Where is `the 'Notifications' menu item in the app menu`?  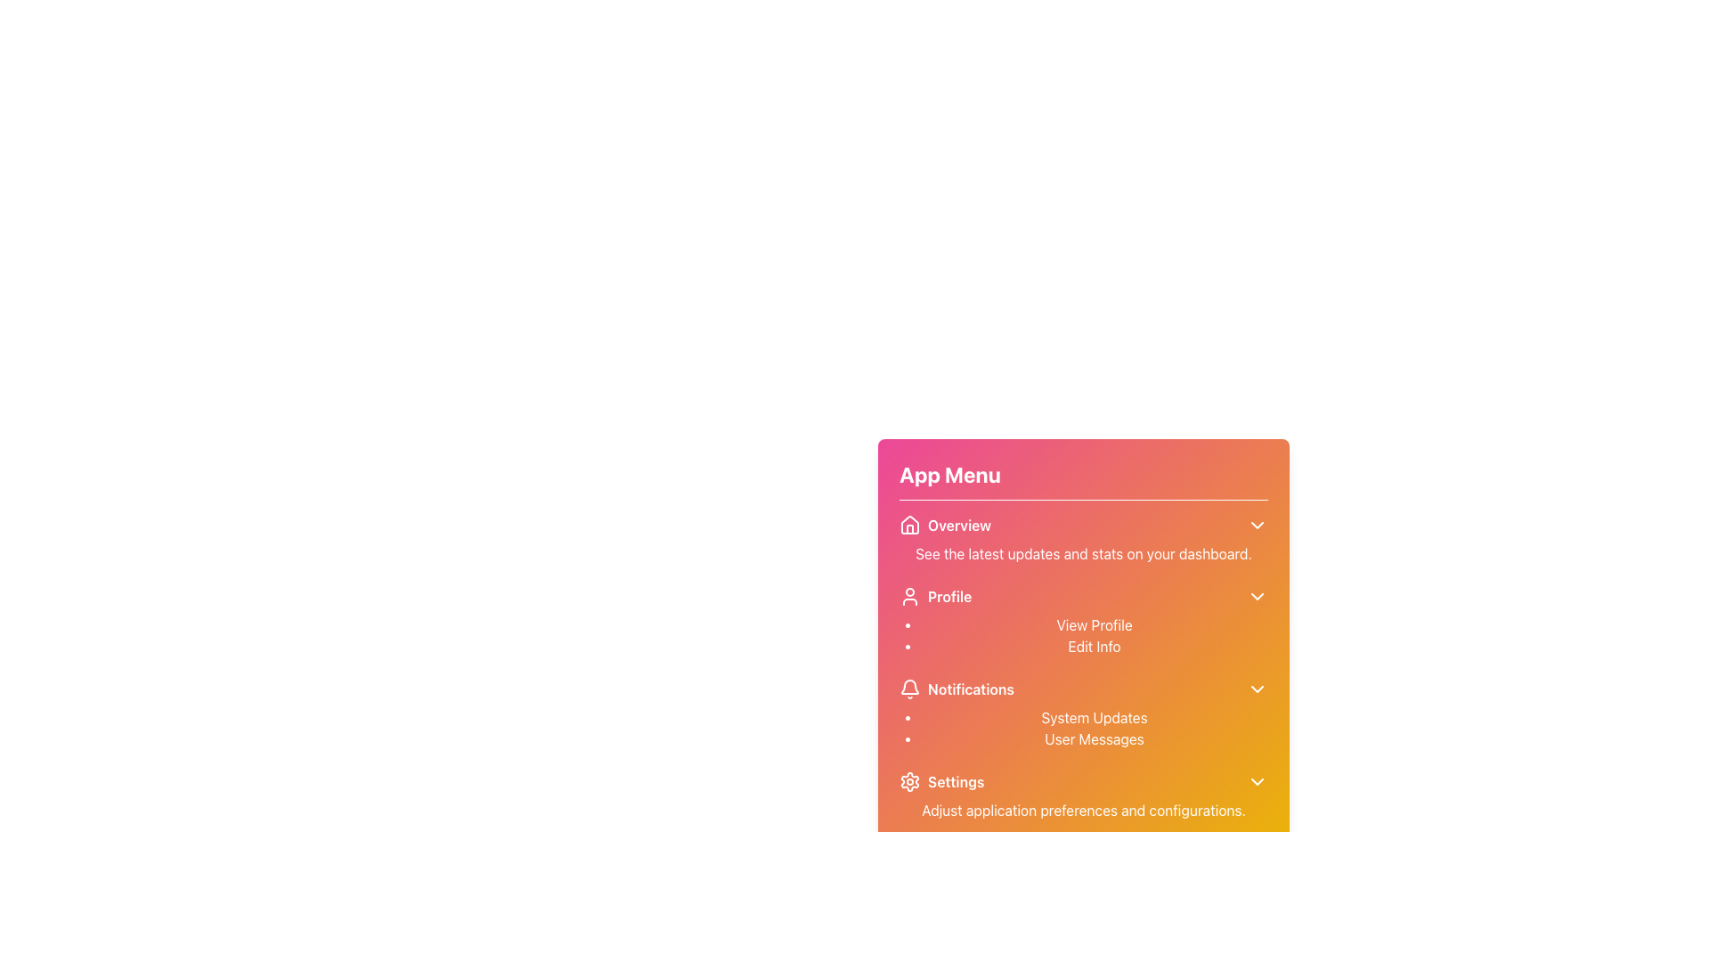
the 'Notifications' menu item in the app menu is located at coordinates (1083, 689).